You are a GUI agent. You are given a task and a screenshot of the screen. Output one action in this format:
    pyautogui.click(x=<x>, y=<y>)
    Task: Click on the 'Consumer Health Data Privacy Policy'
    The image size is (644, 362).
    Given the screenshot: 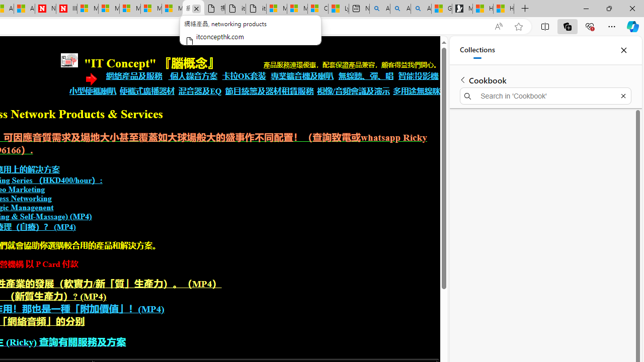 What is the action you would take?
    pyautogui.click(x=317, y=9)
    